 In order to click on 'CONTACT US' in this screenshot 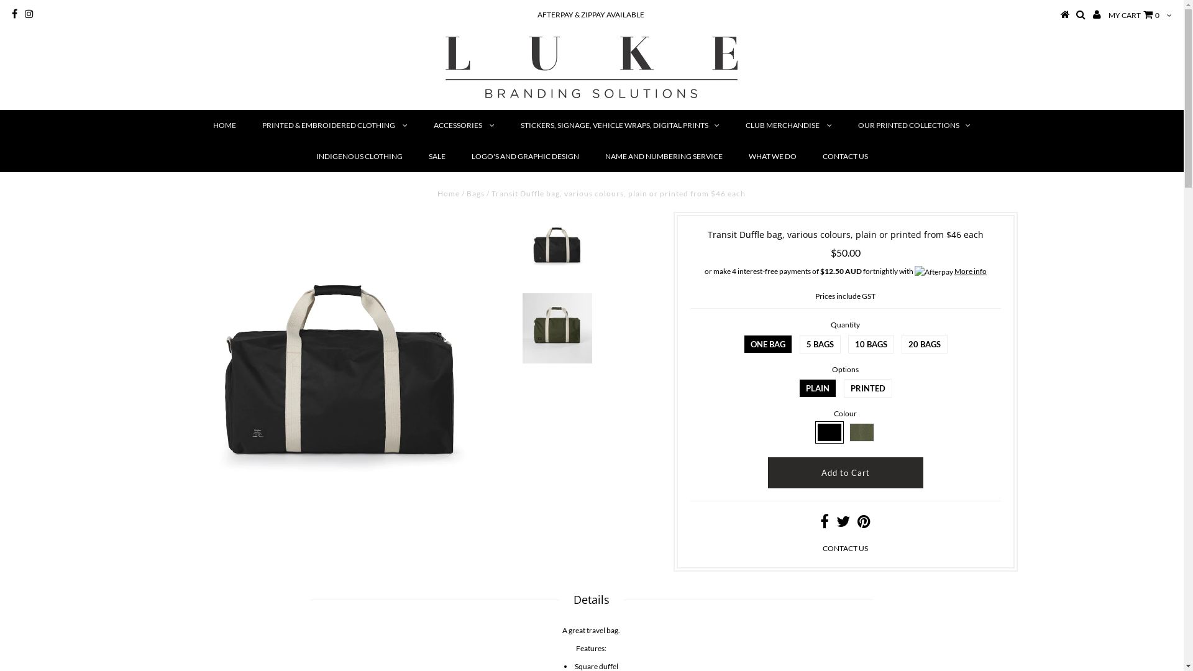, I will do `click(823, 547)`.